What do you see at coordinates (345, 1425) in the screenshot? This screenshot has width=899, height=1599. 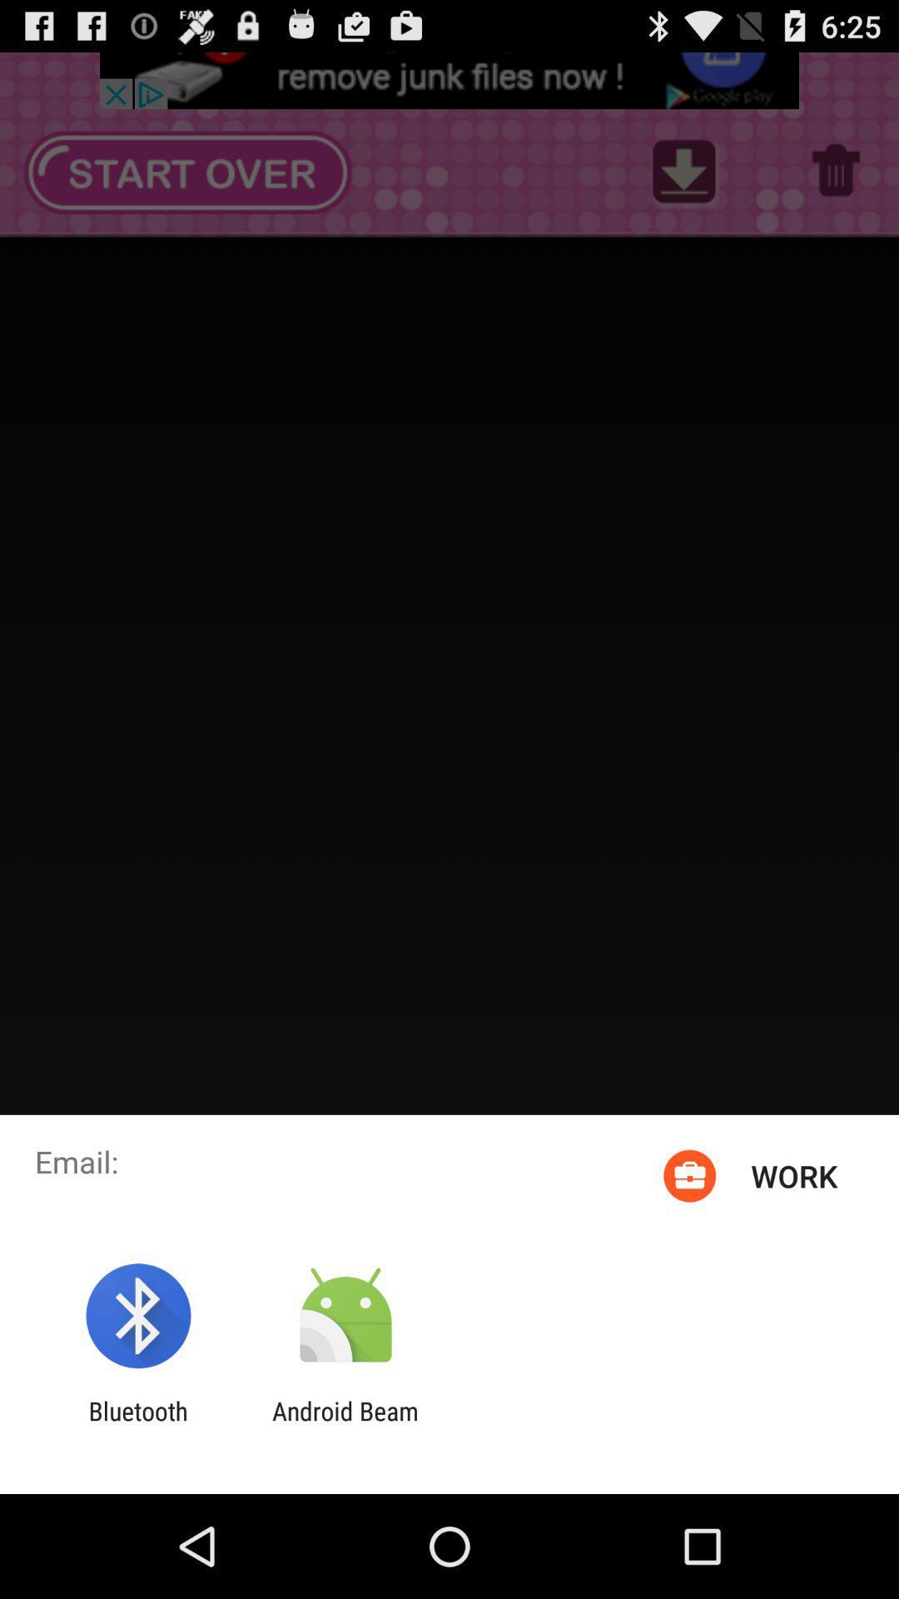 I see `app to the right of the bluetooth app` at bounding box center [345, 1425].